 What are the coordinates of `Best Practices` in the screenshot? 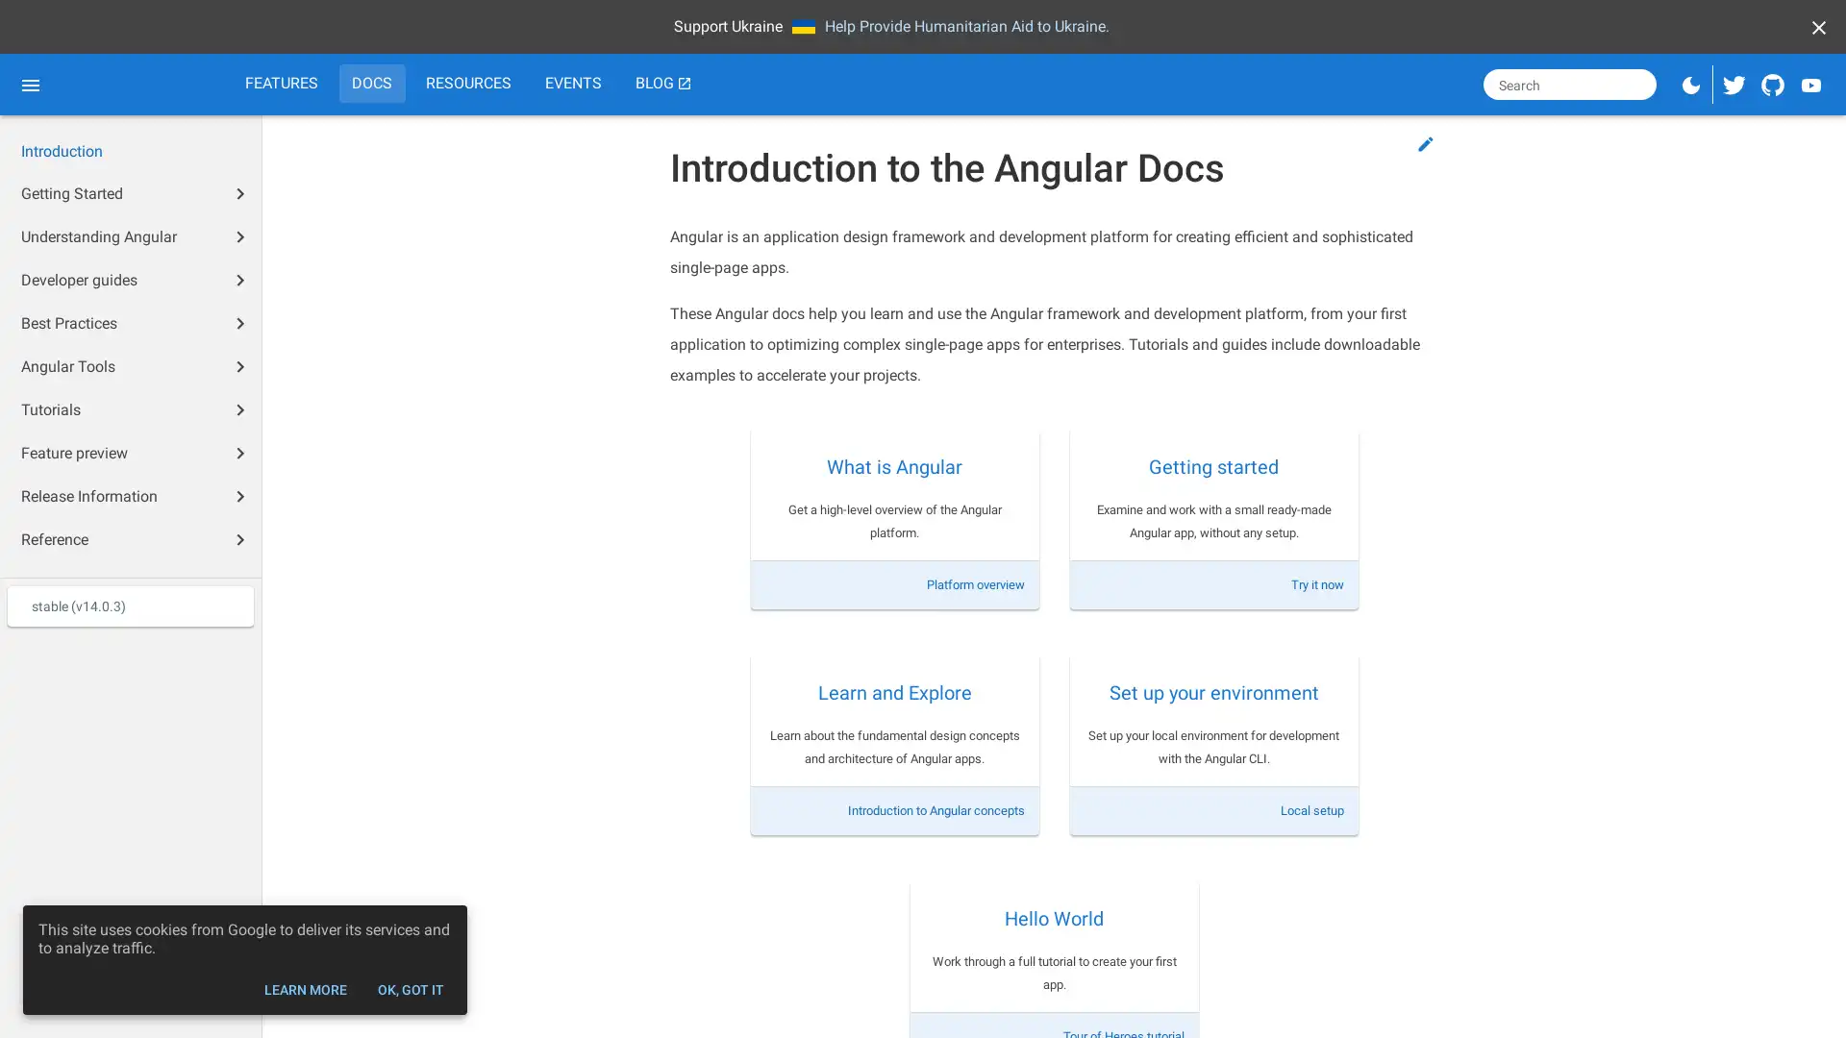 It's located at (129, 322).